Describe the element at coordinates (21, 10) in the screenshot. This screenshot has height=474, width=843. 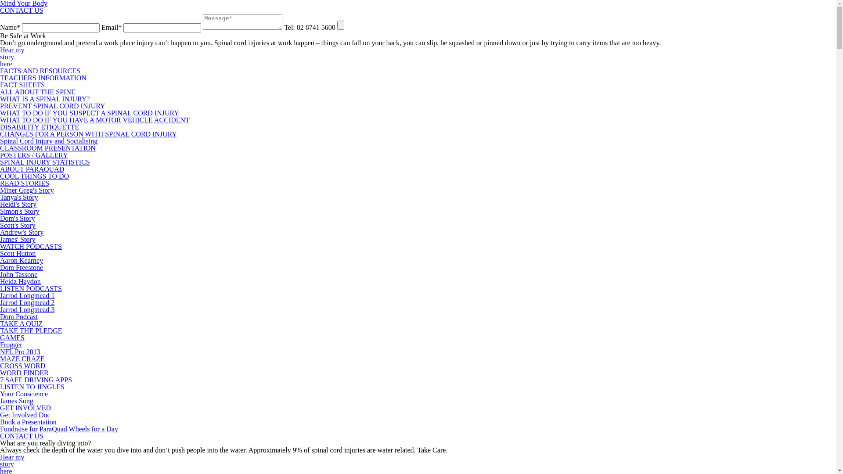
I see `'CONTACT US'` at that location.